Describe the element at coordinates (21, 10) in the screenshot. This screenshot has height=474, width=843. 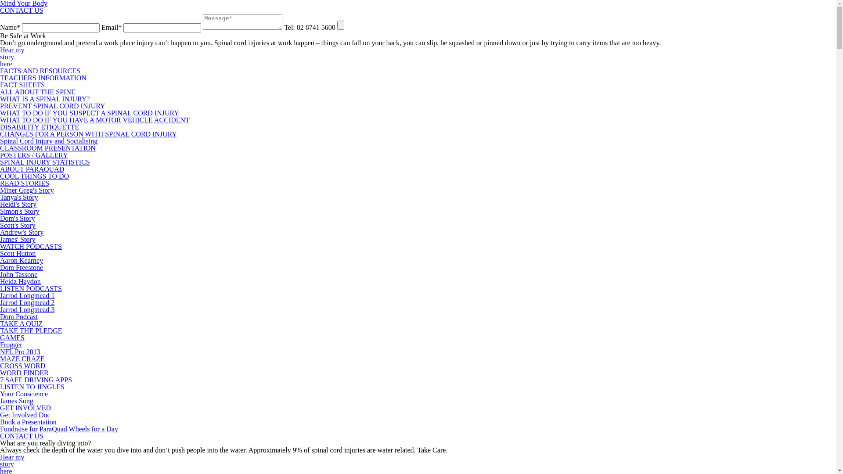
I see `'CONTACT US'` at that location.